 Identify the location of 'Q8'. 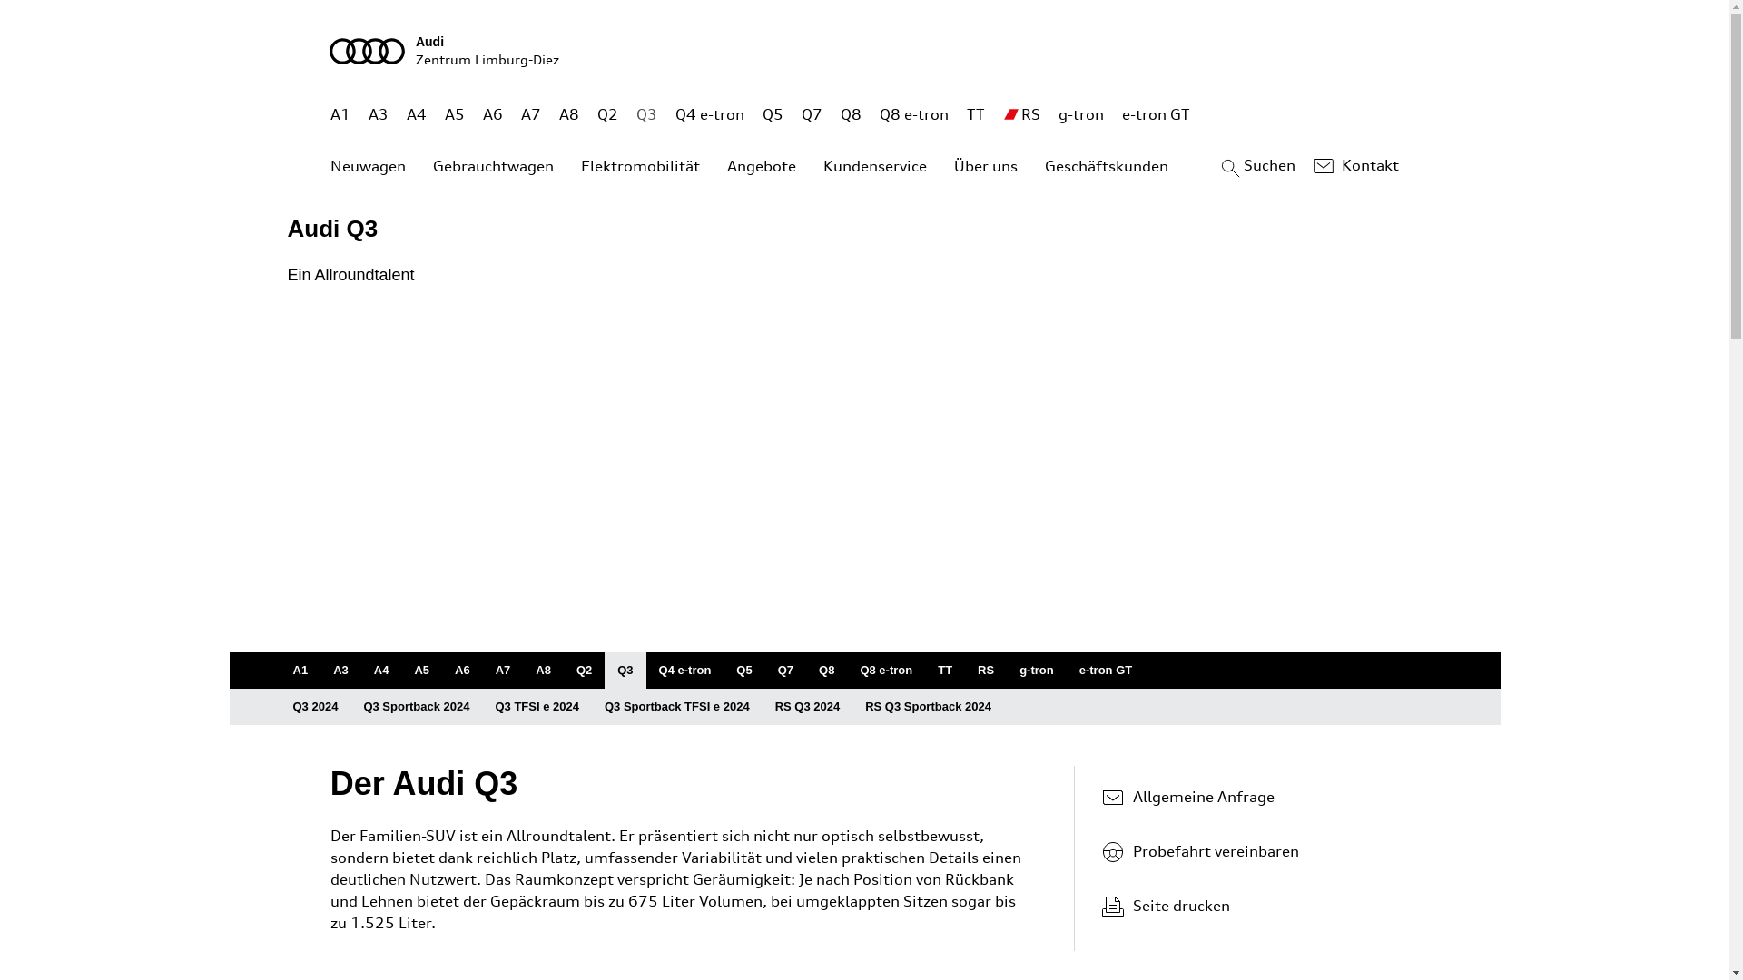
(840, 114).